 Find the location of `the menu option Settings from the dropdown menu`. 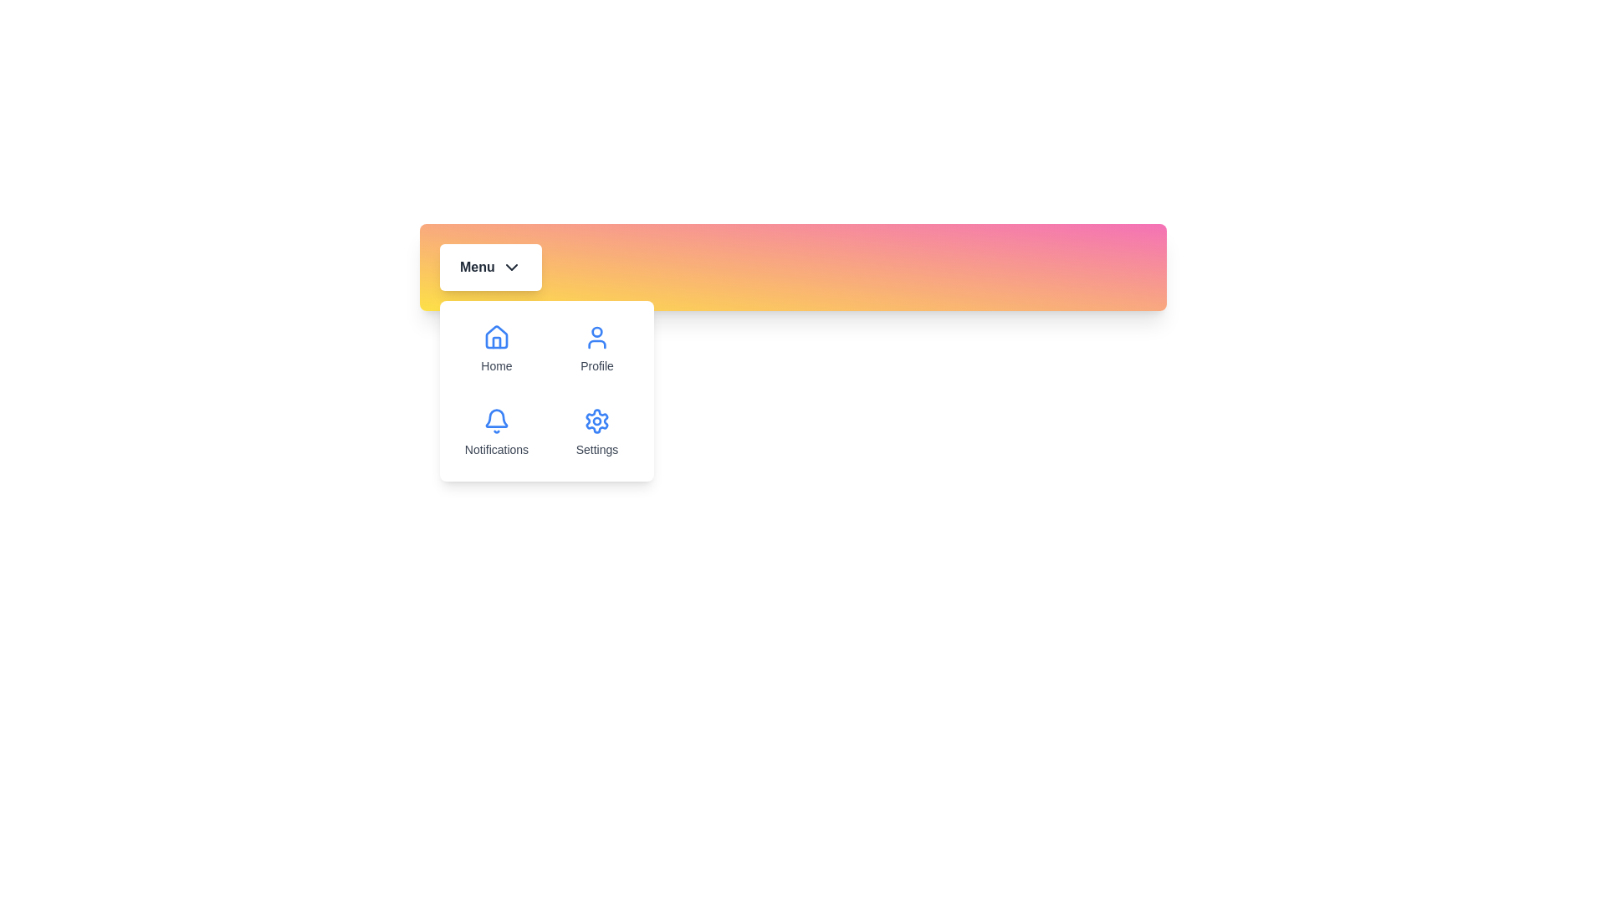

the menu option Settings from the dropdown menu is located at coordinates (597, 431).